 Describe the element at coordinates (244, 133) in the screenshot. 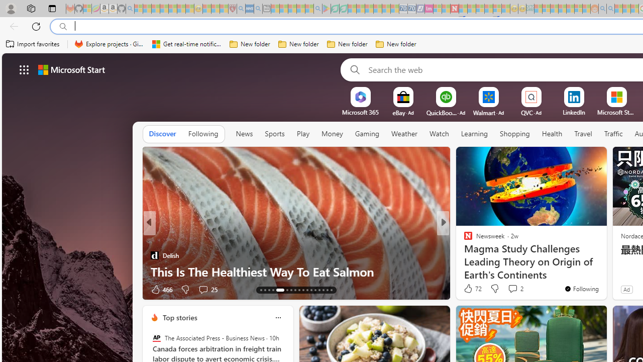

I see `'News'` at that location.